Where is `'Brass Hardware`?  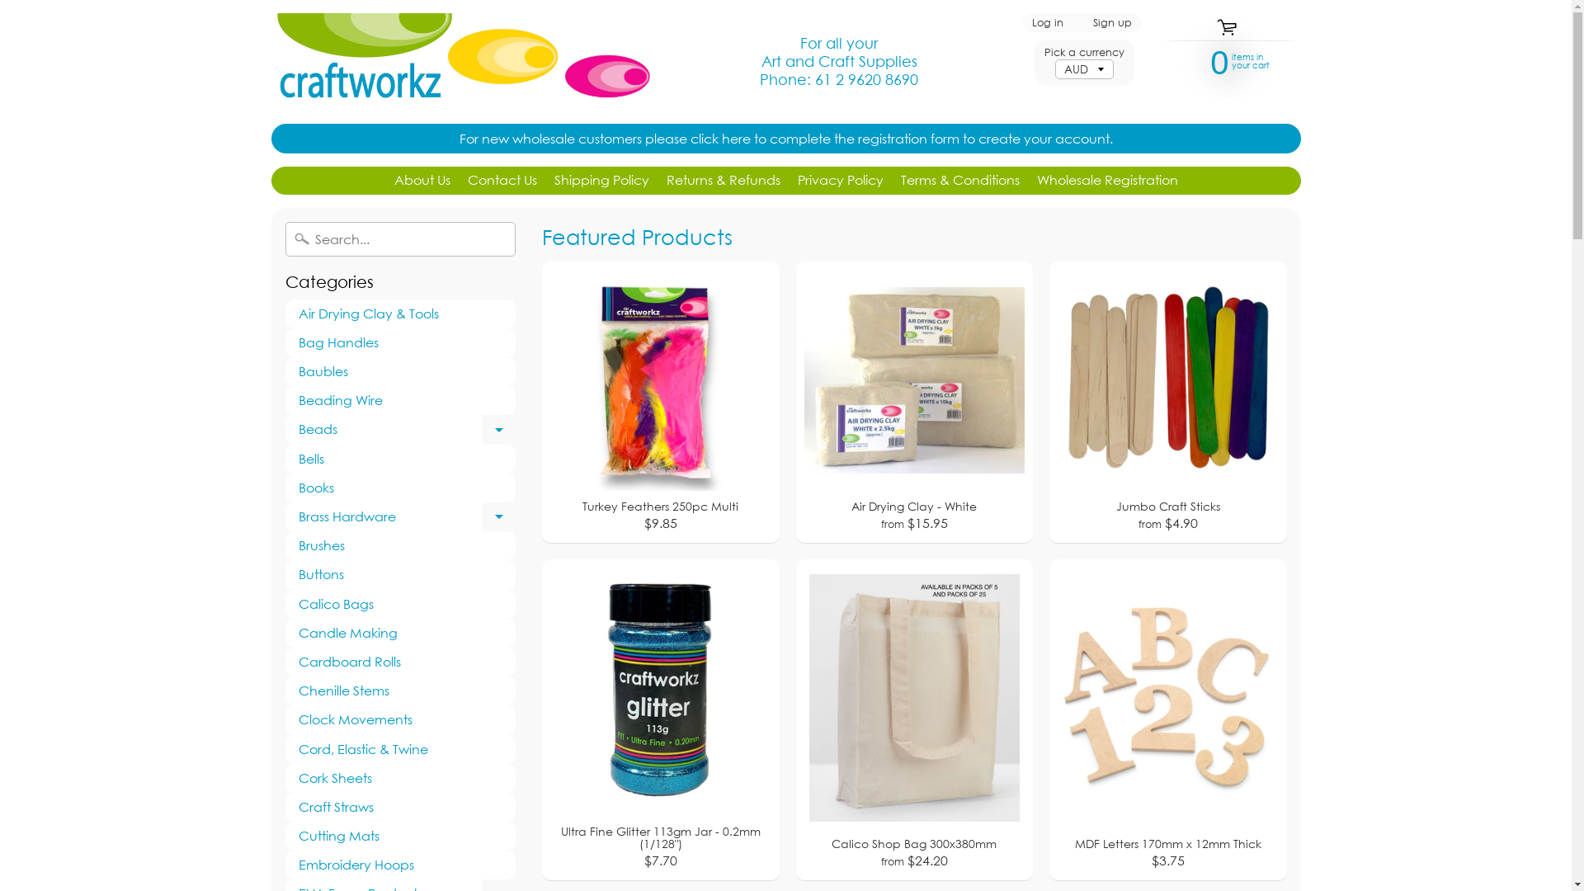
'Brass Hardware is located at coordinates (400, 516).